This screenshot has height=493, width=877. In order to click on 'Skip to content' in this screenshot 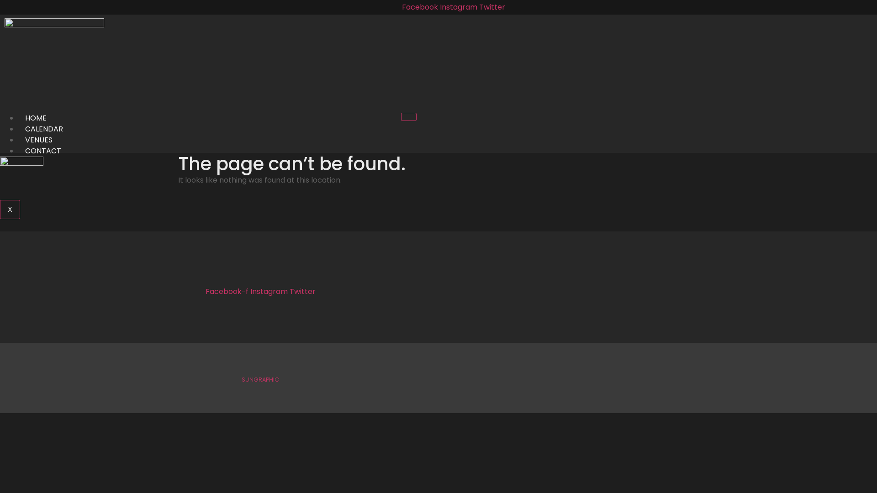, I will do `click(0, 0)`.